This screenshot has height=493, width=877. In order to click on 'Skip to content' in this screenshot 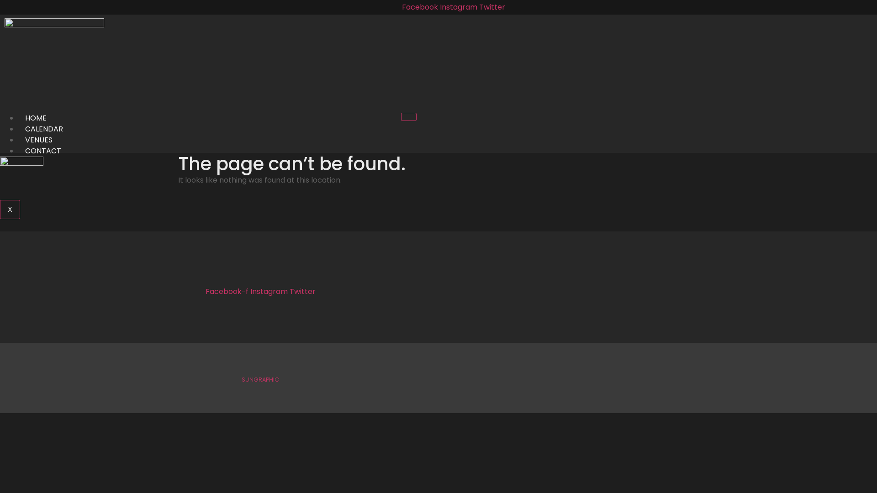, I will do `click(0, 0)`.